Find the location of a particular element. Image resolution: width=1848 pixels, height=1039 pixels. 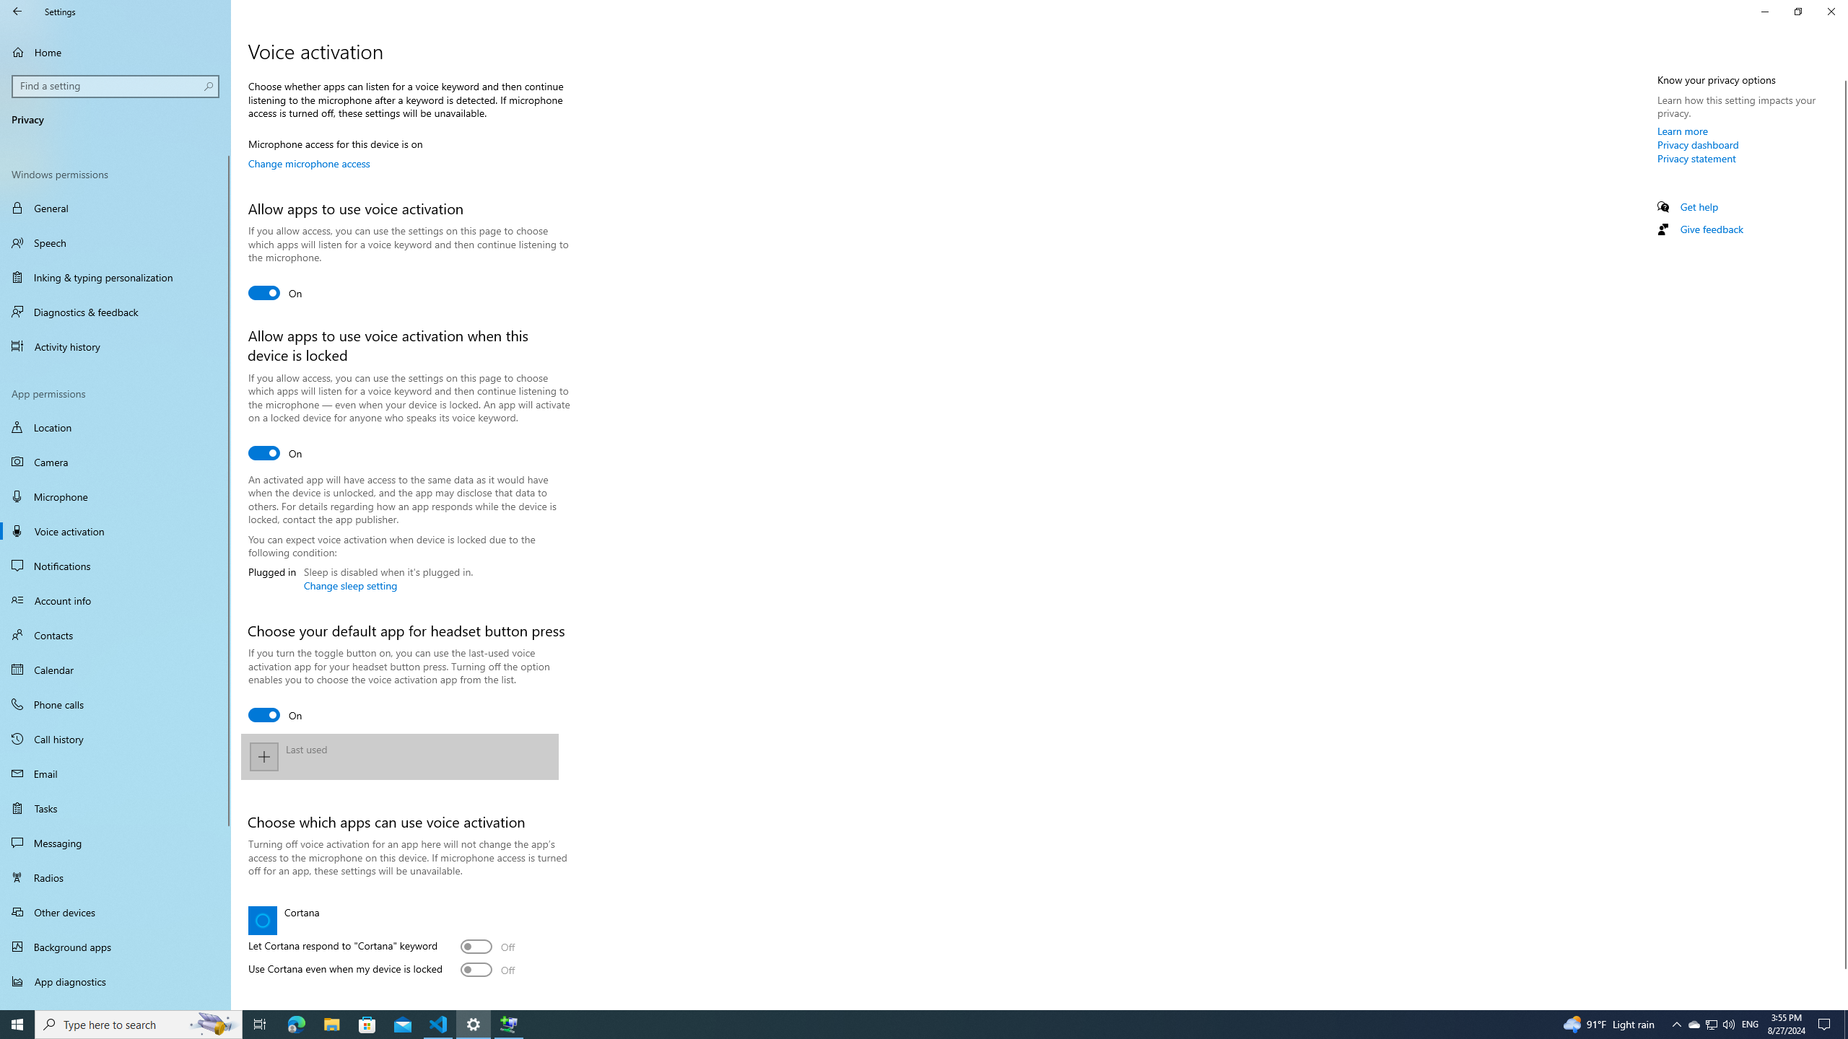

'Automatic file downloads' is located at coordinates (115, 1003).